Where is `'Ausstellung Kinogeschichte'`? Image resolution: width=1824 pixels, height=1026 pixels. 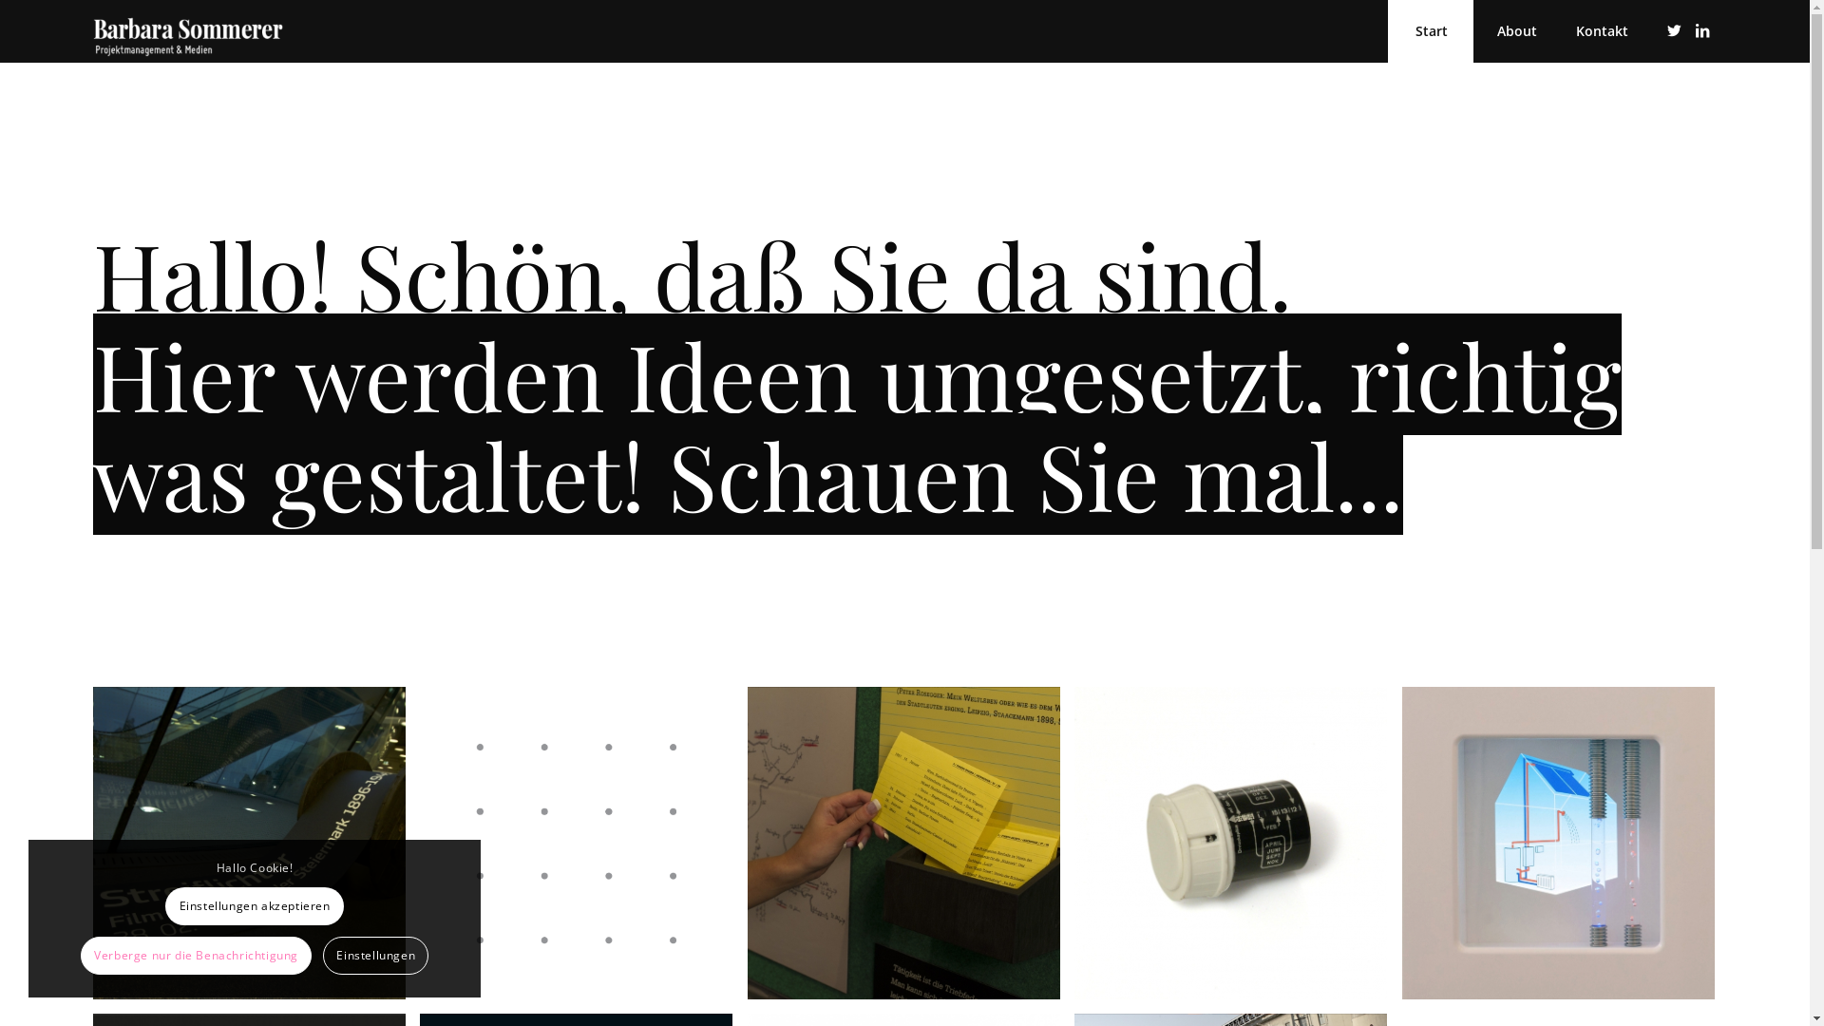 'Ausstellung Kinogeschichte' is located at coordinates (249, 842).